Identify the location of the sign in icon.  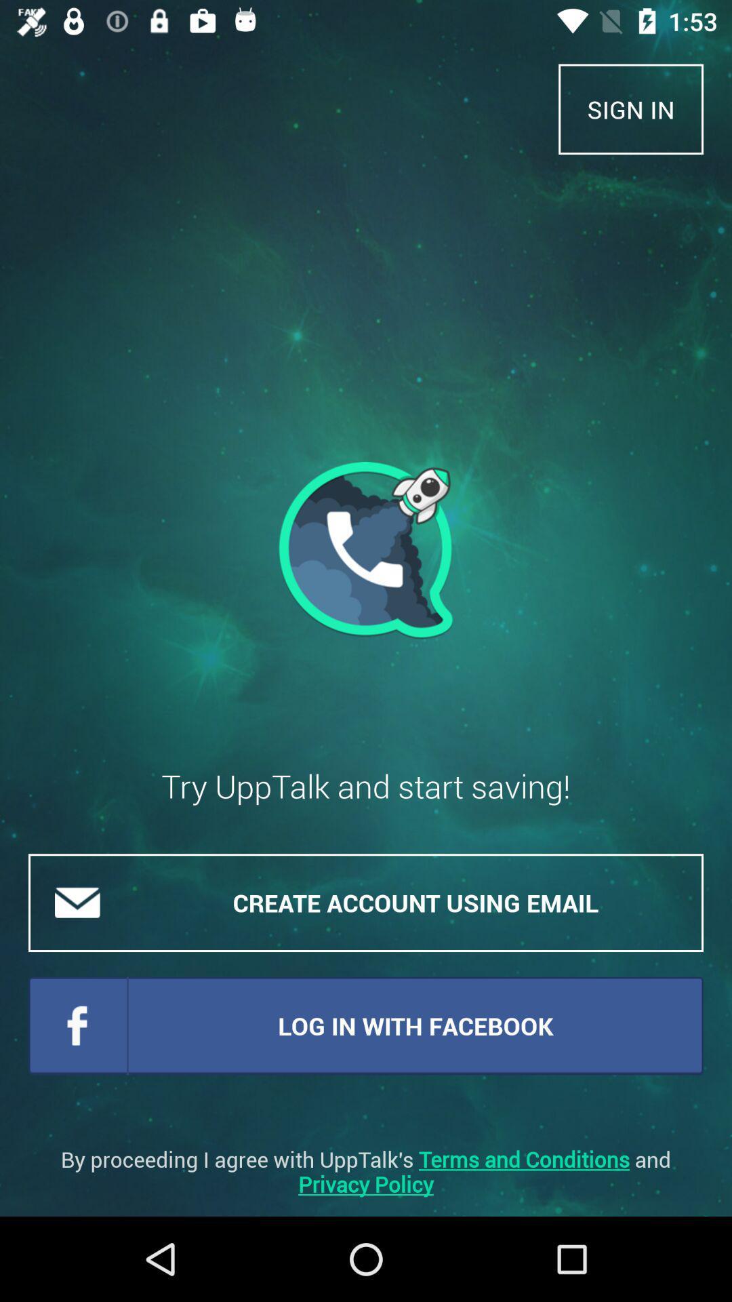
(631, 109).